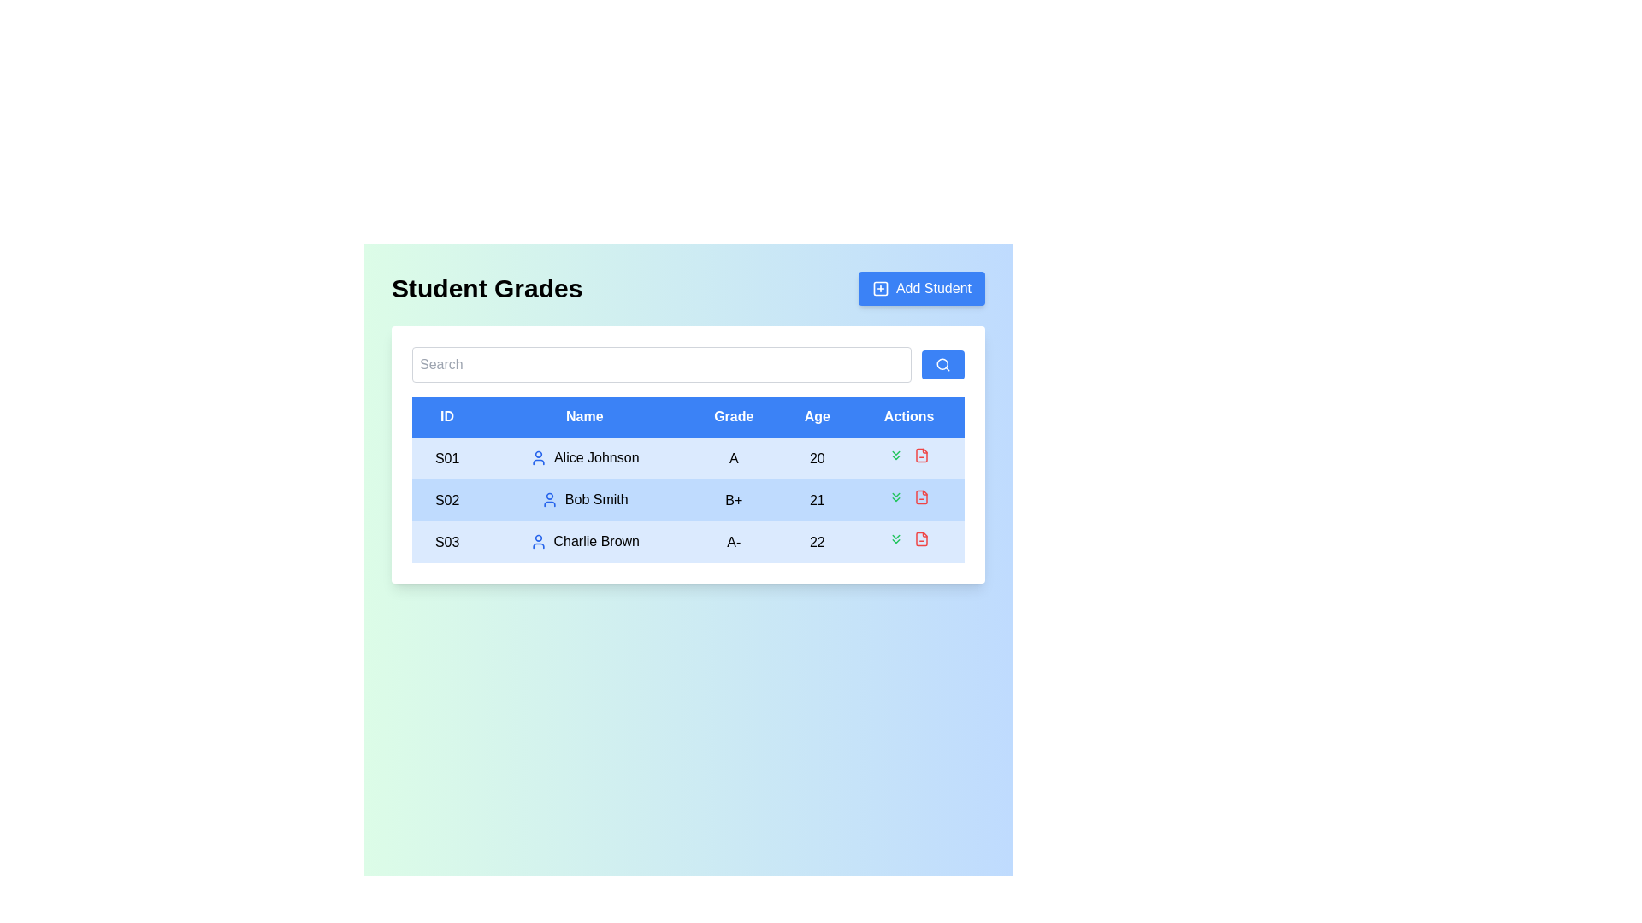 This screenshot has width=1642, height=923. Describe the element at coordinates (734, 500) in the screenshot. I see `the 'B+' text label in bold font, which is the fourth column in the second row of the table, adjacent to the 'Name' column containing 'Bob Smith' and the 'Age' column containing '21'` at that location.